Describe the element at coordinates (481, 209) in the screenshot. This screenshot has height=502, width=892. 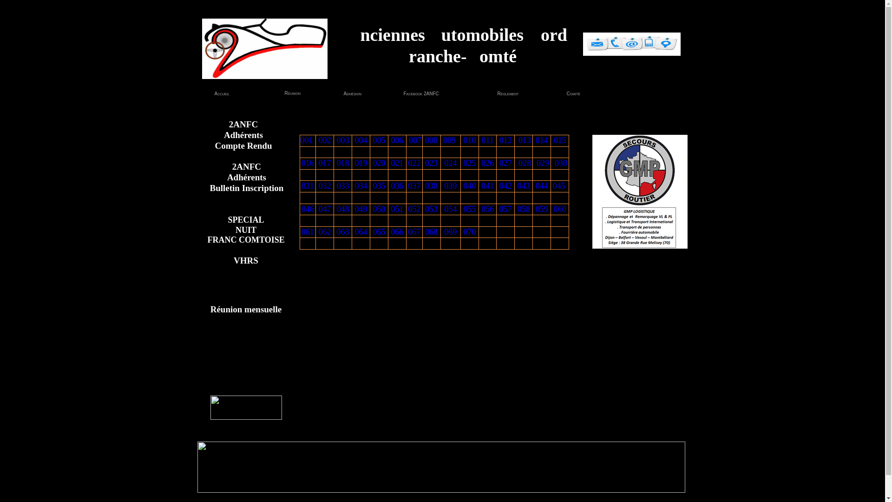
I see `'056'` at that location.